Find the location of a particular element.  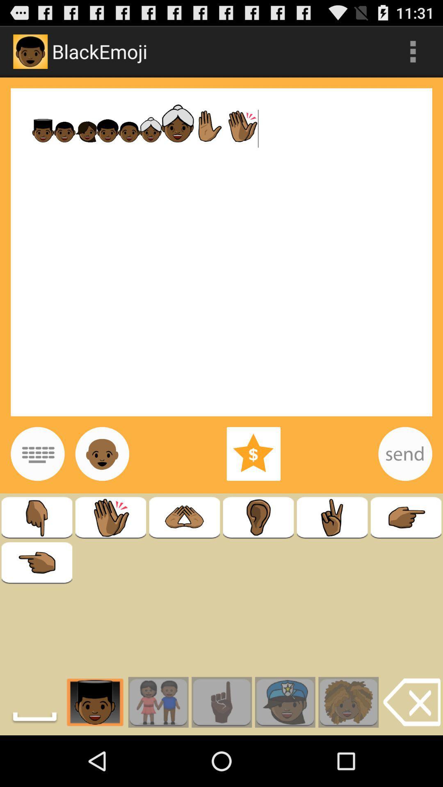

emojis is located at coordinates (102, 453).